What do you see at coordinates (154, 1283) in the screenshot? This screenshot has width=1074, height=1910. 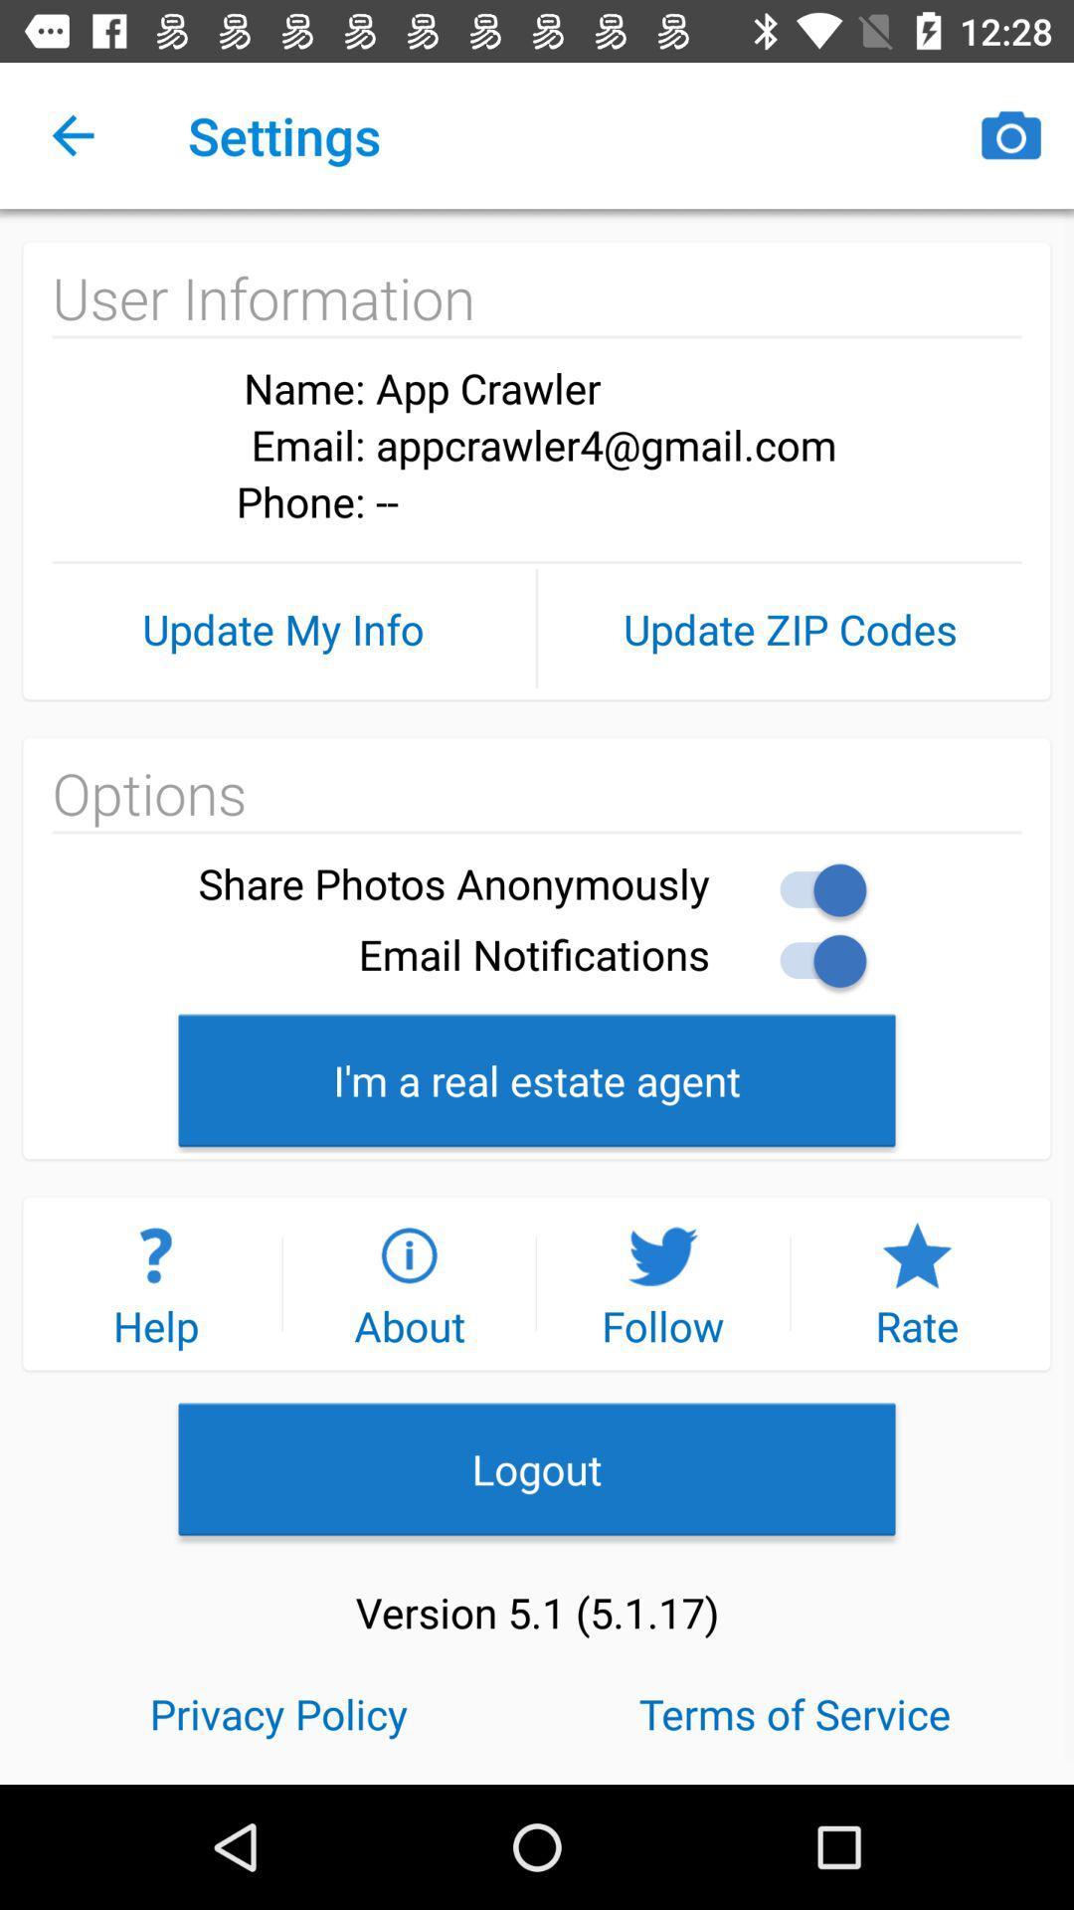 I see `item above logout` at bounding box center [154, 1283].